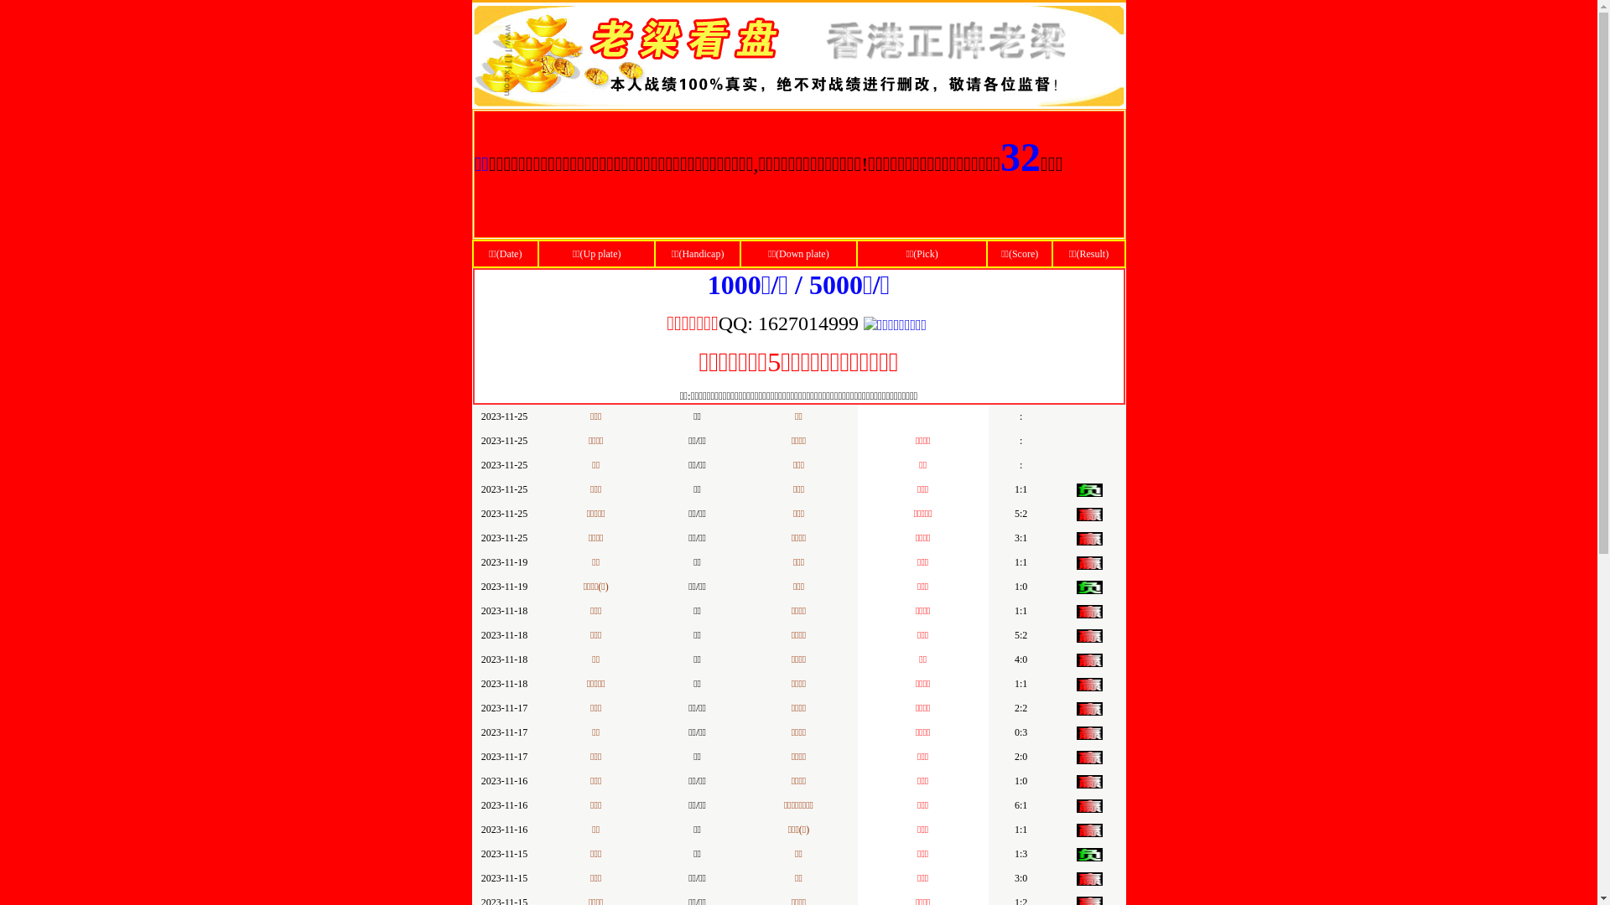 This screenshot has width=1610, height=905. I want to click on 'QQ', so click(733, 325).